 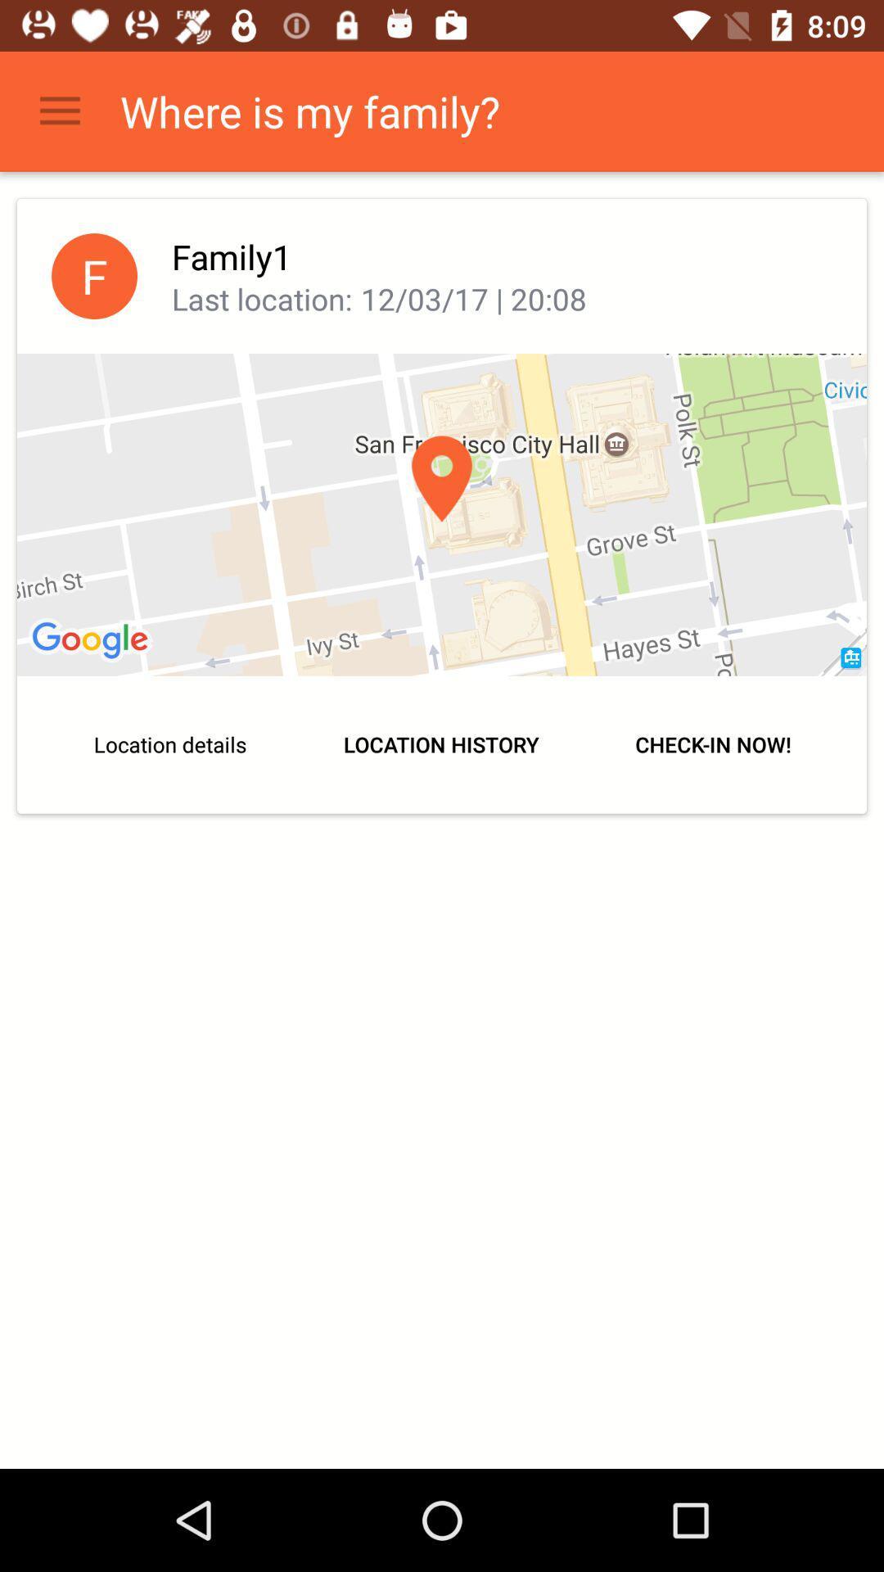 What do you see at coordinates (170, 744) in the screenshot?
I see `the text location details` at bounding box center [170, 744].